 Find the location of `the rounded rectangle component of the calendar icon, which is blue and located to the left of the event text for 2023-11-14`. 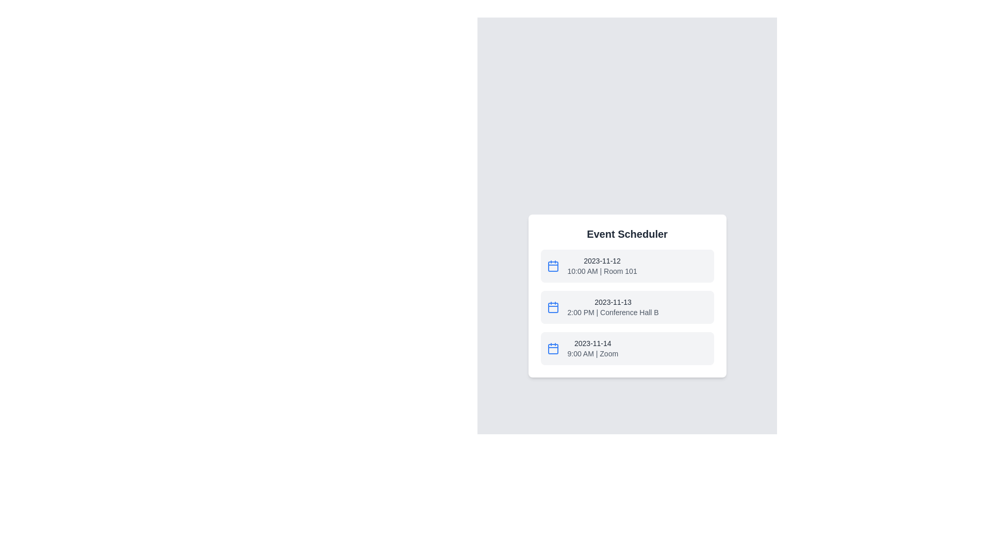

the rounded rectangle component of the calendar icon, which is blue and located to the left of the event text for 2023-11-14 is located at coordinates (552, 349).